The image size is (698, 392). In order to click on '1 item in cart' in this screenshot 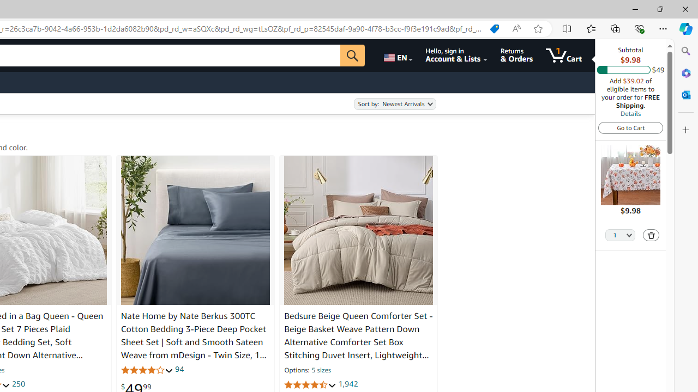, I will do `click(564, 55)`.